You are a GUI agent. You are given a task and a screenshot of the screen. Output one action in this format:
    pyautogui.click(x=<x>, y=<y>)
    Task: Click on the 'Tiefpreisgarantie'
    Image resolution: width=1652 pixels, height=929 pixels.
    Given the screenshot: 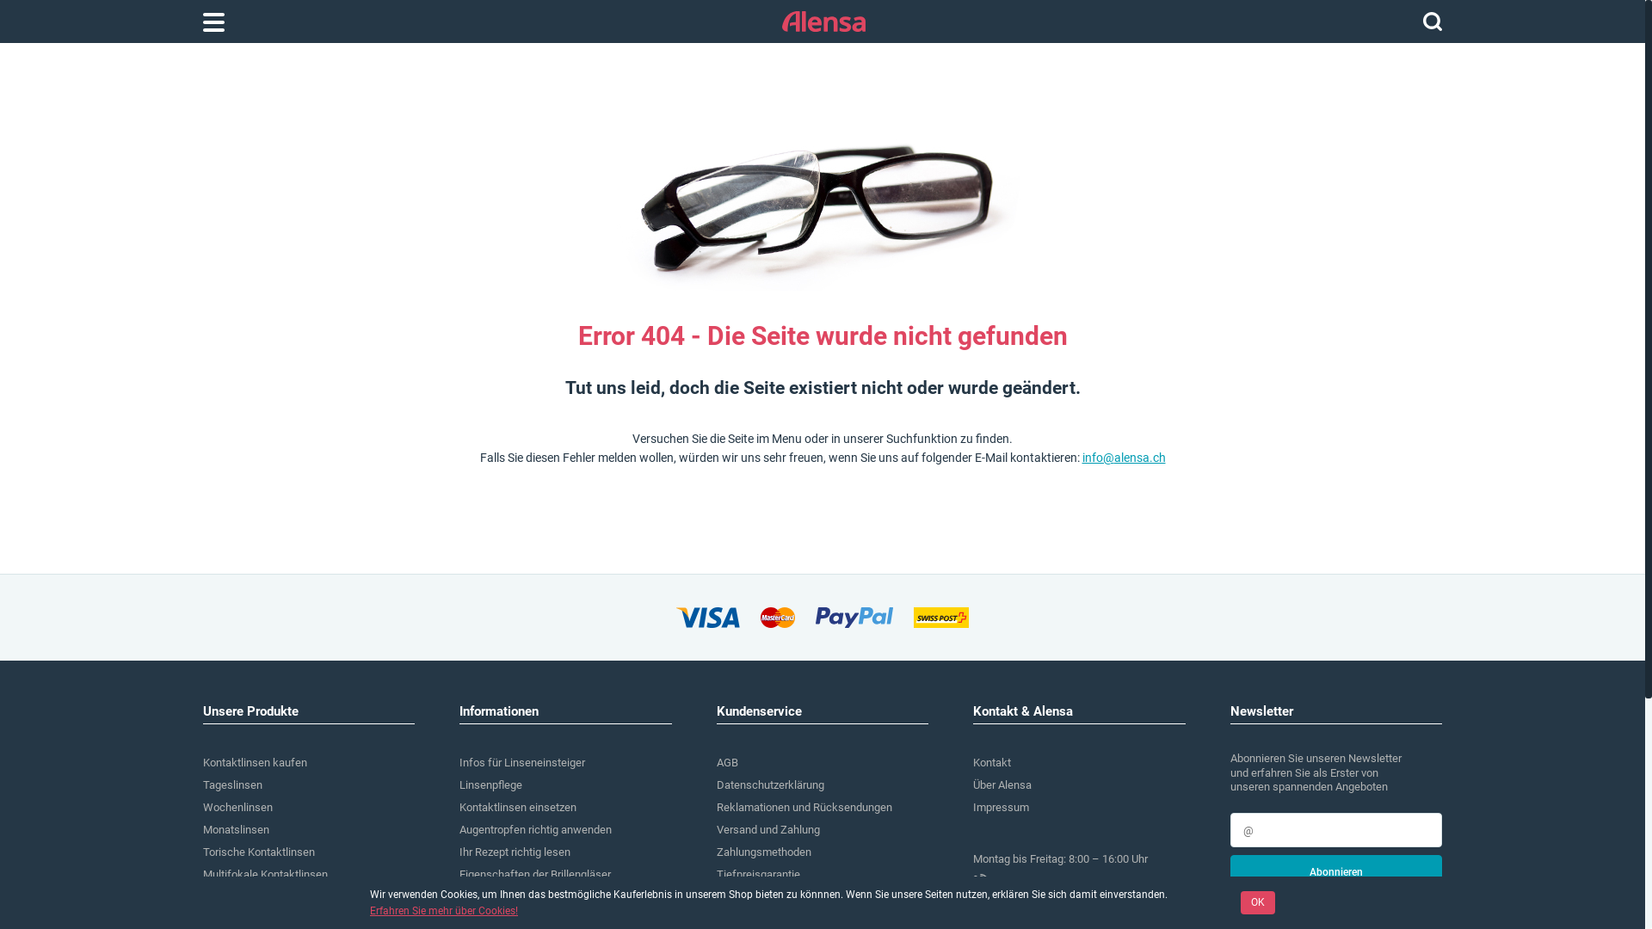 What is the action you would take?
    pyautogui.click(x=757, y=874)
    